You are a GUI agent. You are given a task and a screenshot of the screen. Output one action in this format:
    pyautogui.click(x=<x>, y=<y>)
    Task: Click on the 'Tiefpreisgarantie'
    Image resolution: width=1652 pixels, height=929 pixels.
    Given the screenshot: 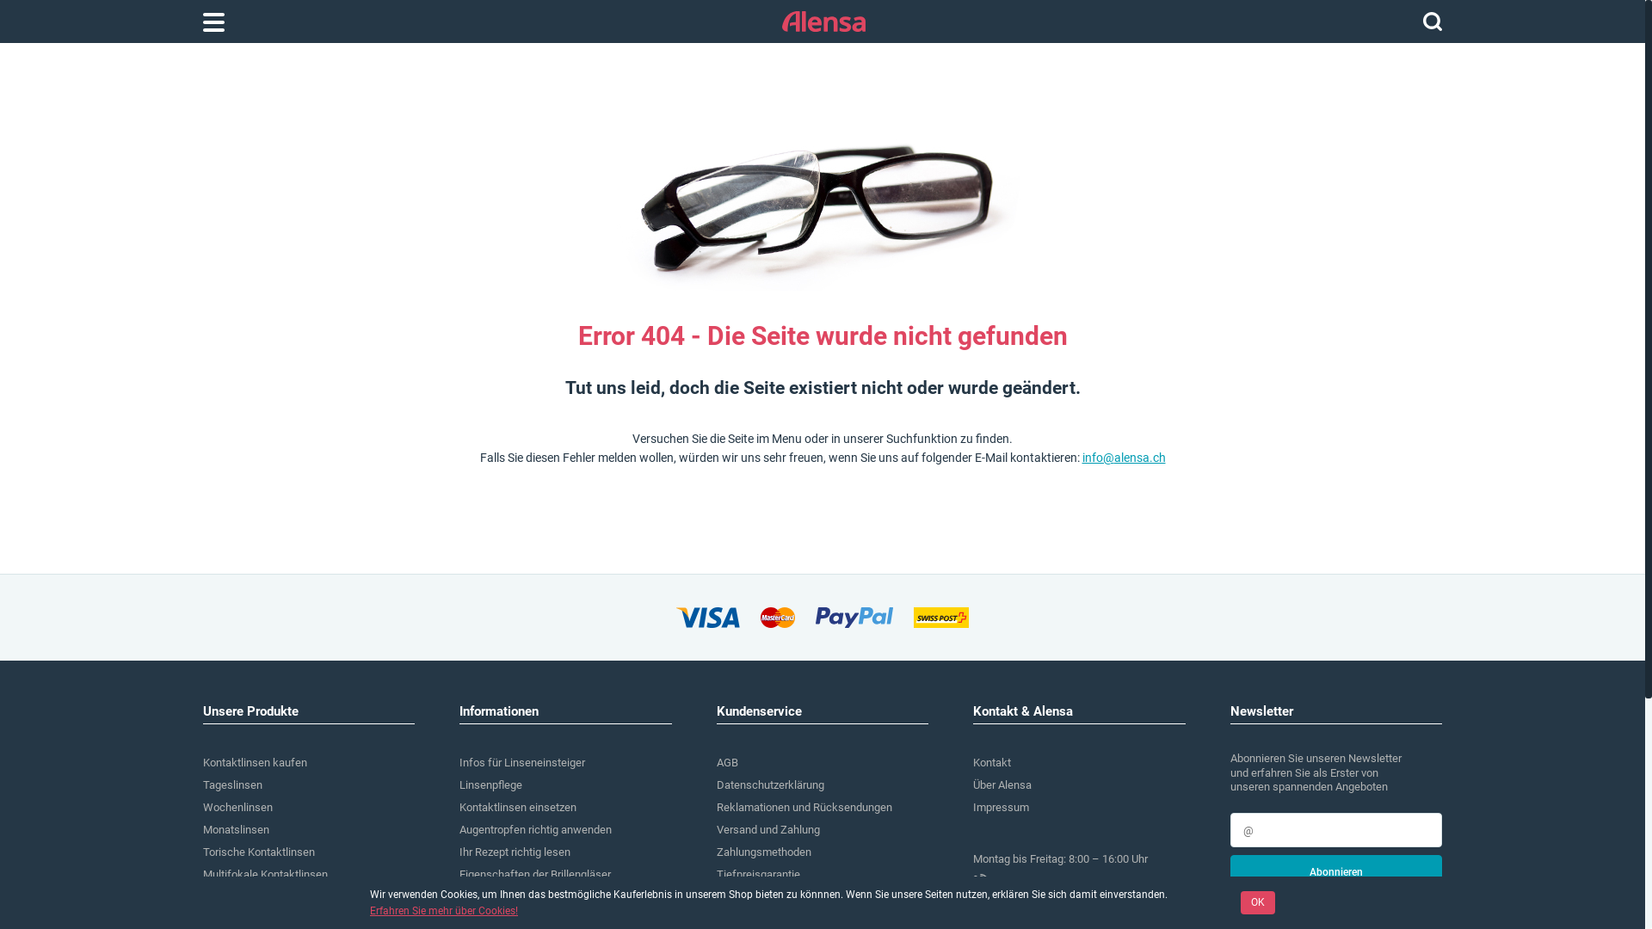 What is the action you would take?
    pyautogui.click(x=757, y=874)
    